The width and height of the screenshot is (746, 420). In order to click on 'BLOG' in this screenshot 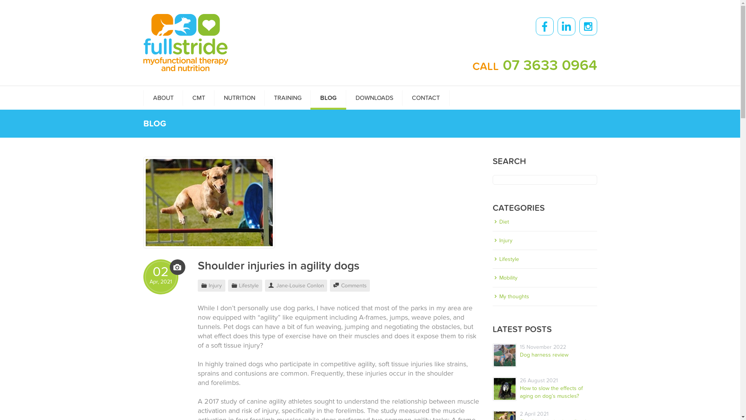, I will do `click(309, 97)`.